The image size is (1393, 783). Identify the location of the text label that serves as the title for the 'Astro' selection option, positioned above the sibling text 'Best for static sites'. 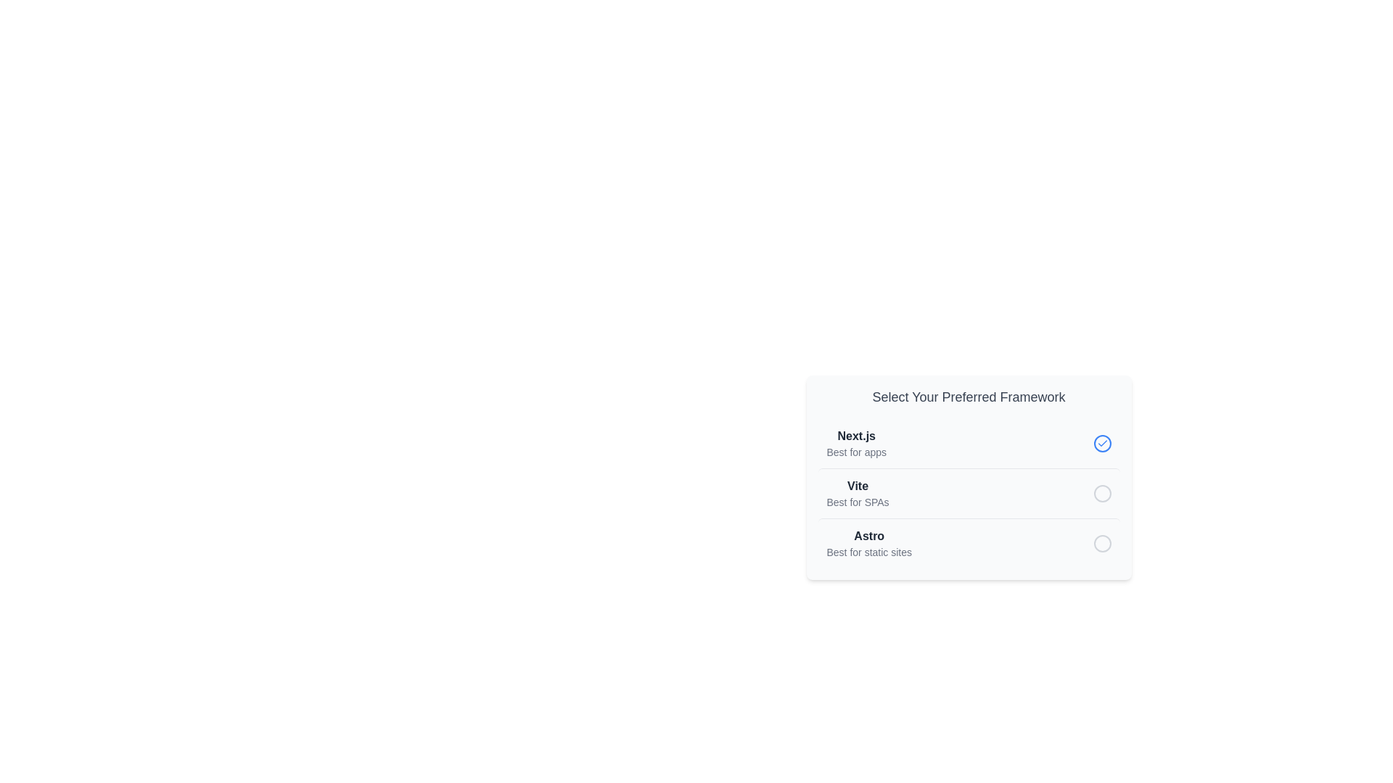
(869, 536).